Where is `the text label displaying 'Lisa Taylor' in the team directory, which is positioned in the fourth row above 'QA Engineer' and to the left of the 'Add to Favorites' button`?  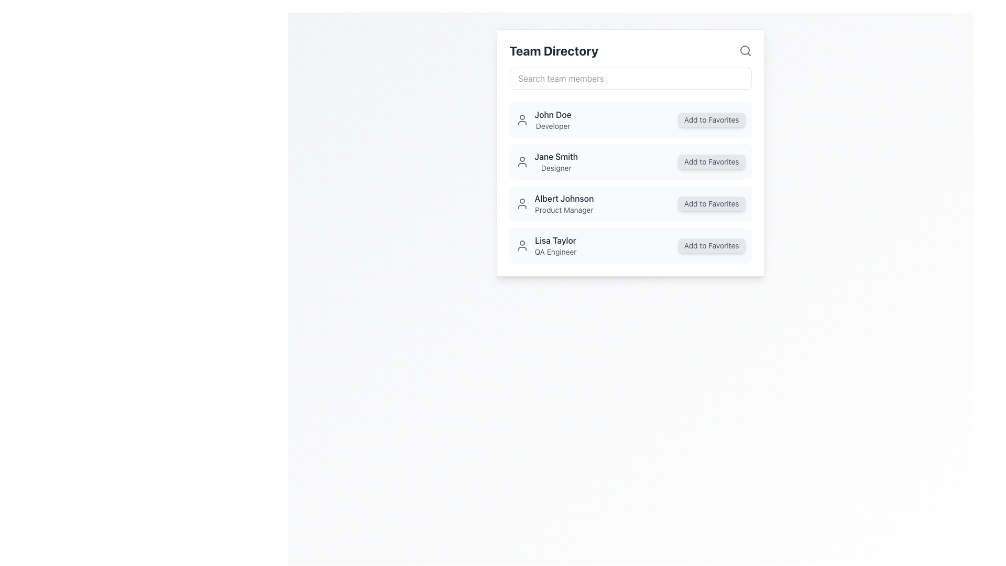 the text label displaying 'Lisa Taylor' in the team directory, which is positioned in the fourth row above 'QA Engineer' and to the left of the 'Add to Favorites' button is located at coordinates (555, 241).